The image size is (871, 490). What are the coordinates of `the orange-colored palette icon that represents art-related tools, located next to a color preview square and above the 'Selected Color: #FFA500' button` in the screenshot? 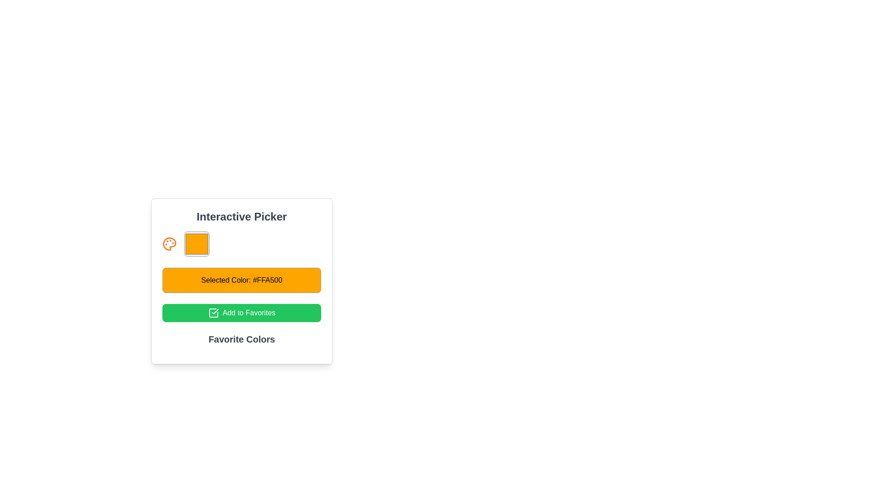 It's located at (170, 243).